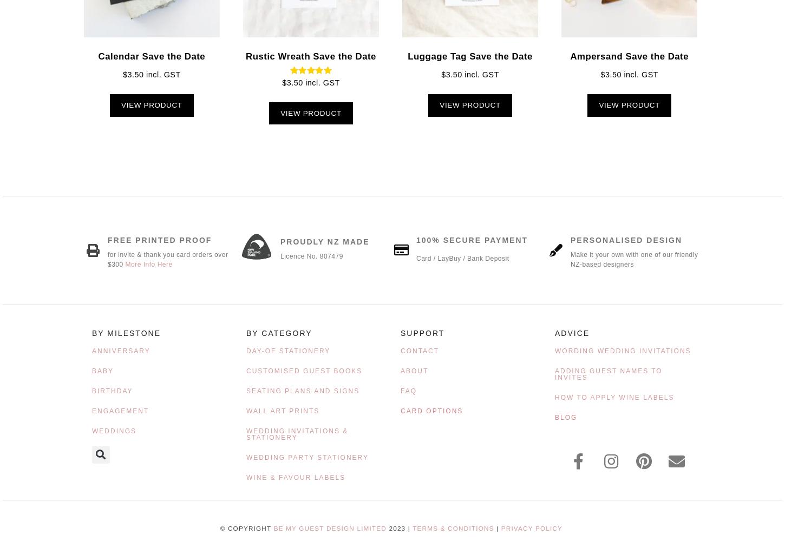 Image resolution: width=785 pixels, height=548 pixels. I want to click on '© COPYRIGHT', so click(246, 527).